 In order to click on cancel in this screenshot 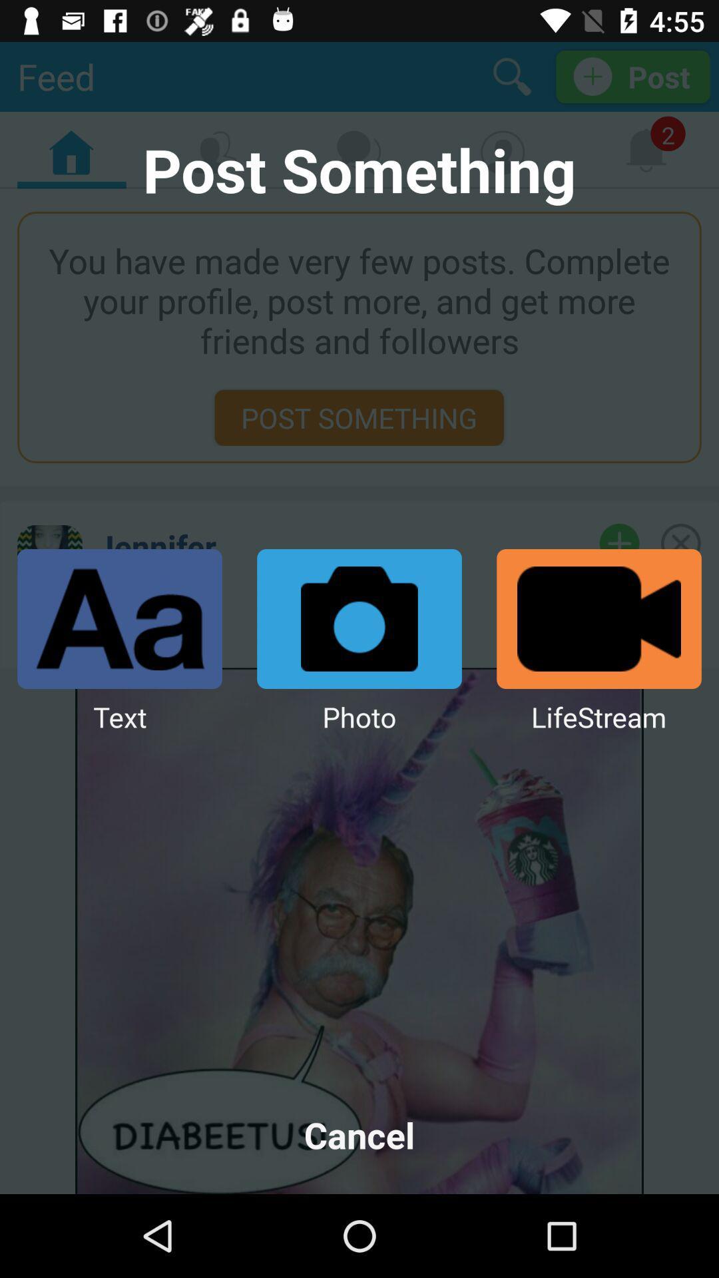, I will do `click(359, 1134)`.